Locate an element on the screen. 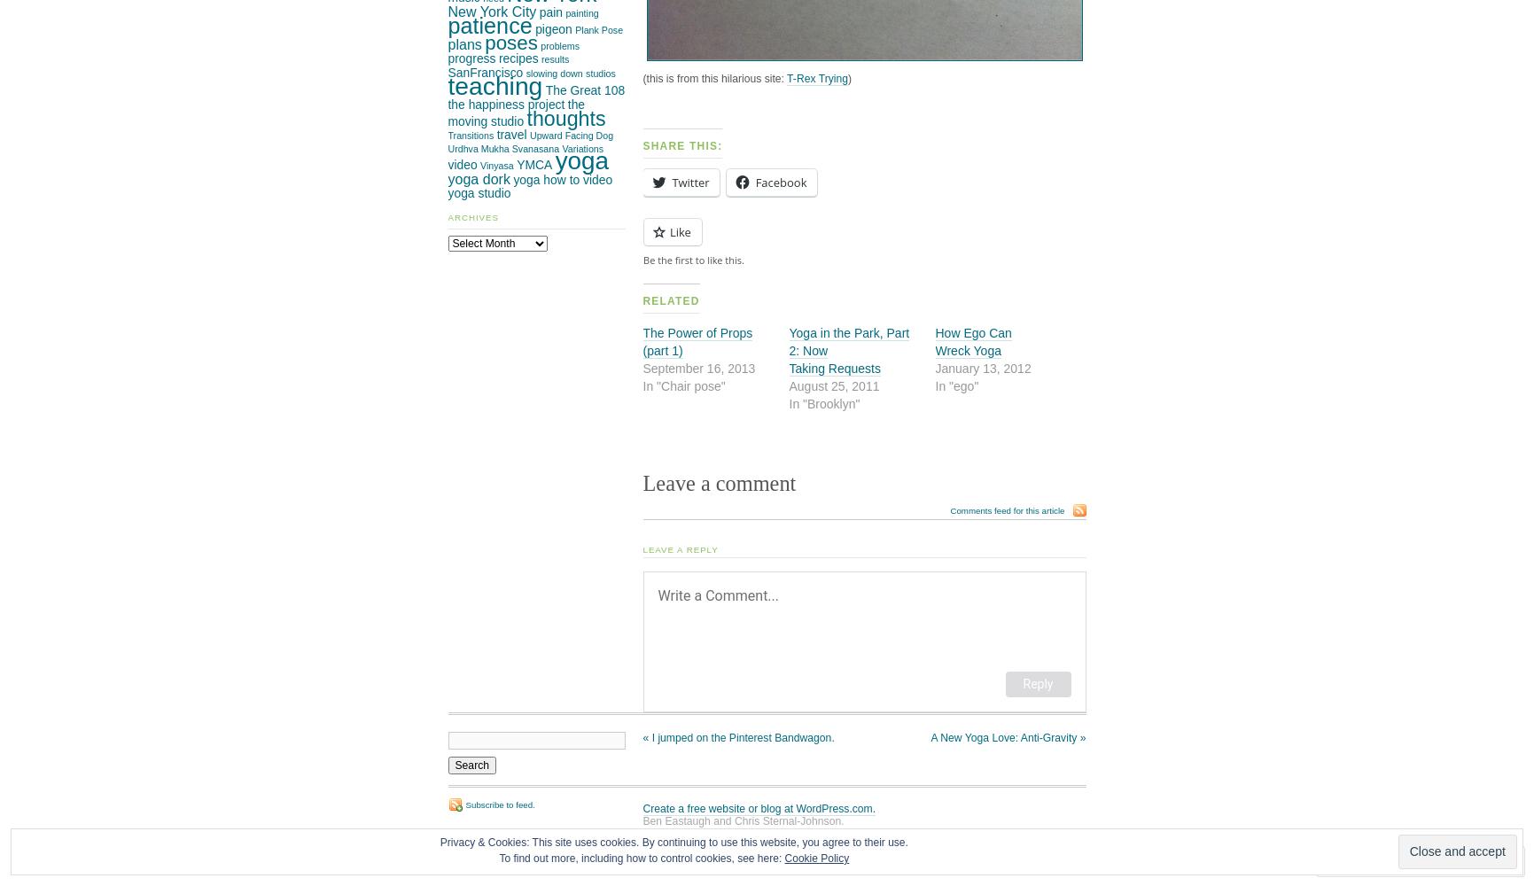 The width and height of the screenshot is (1534, 886). 'Twitter' is located at coordinates (689, 181).